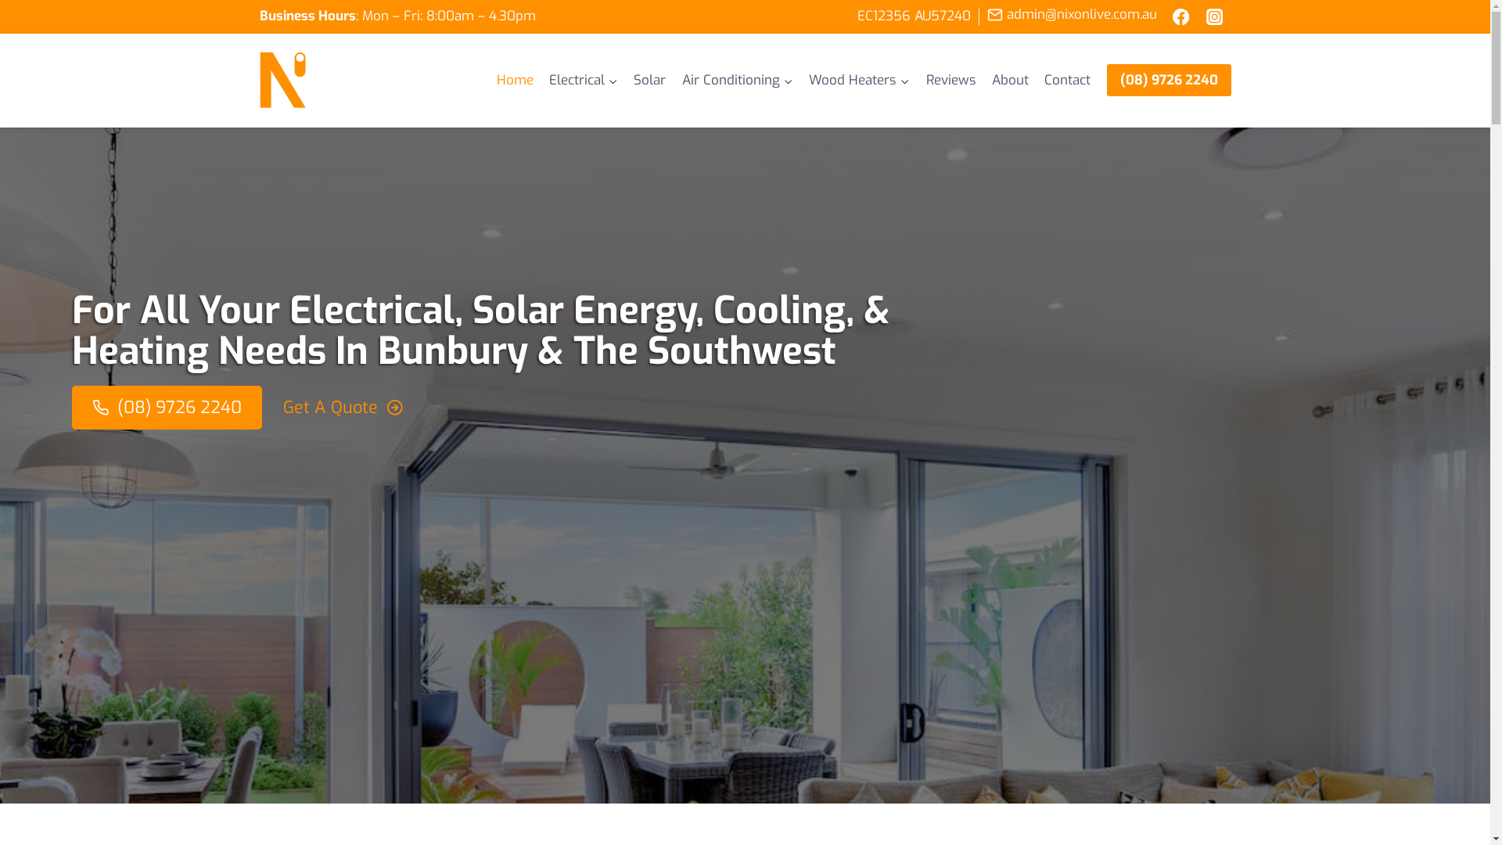 The height and width of the screenshot is (845, 1502). I want to click on 'Solar', so click(649, 79).